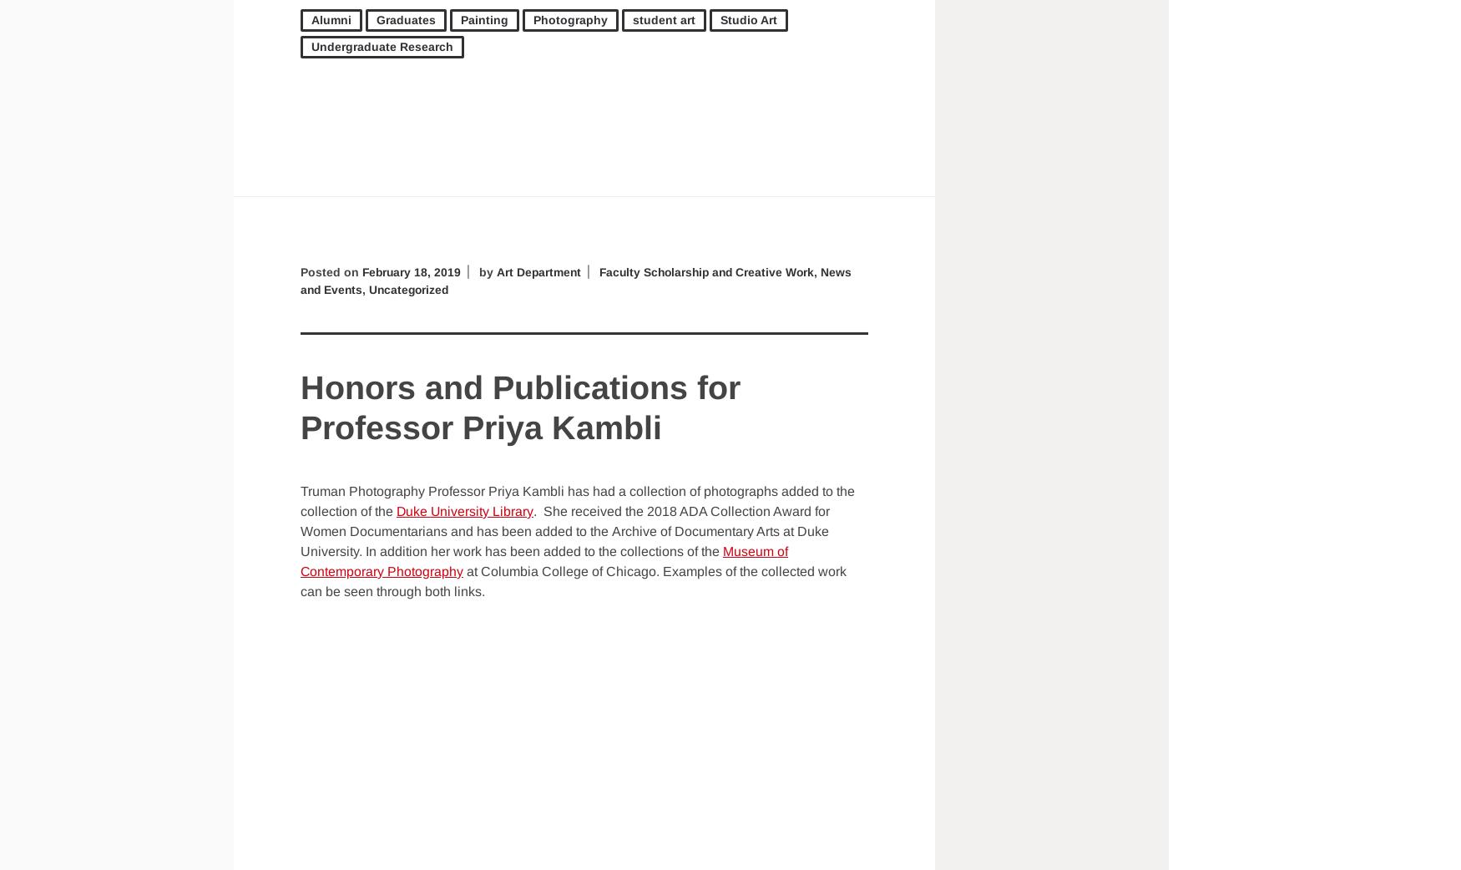  I want to click on 'Painting', so click(484, 18).